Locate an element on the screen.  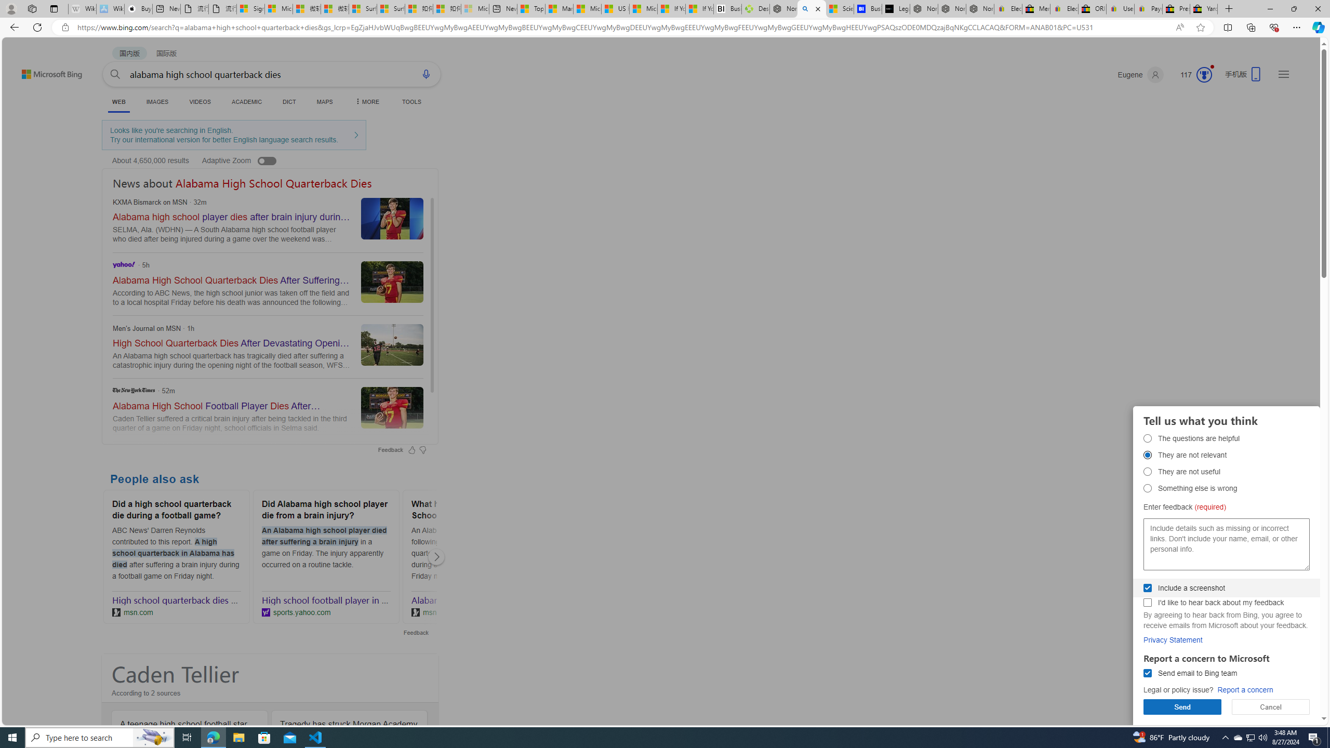
'Something else is wrong Something else is wrong' is located at coordinates (1148, 487).